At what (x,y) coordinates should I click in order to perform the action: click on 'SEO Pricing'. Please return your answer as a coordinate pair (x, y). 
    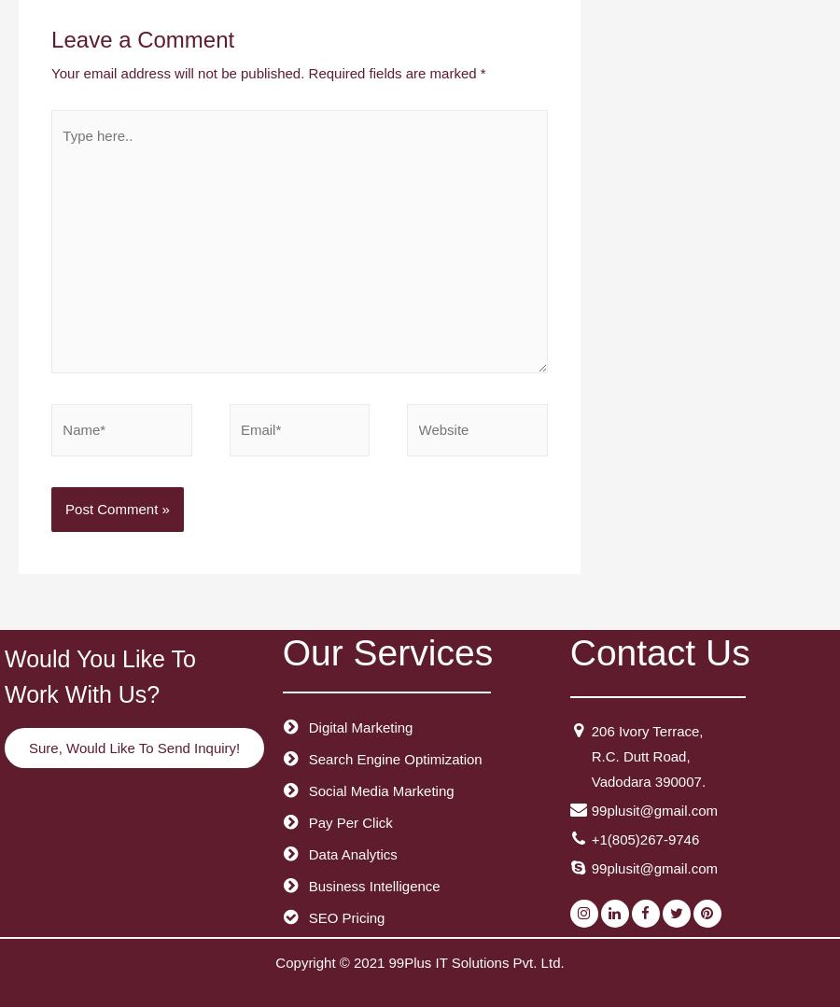
    Looking at the image, I should click on (345, 916).